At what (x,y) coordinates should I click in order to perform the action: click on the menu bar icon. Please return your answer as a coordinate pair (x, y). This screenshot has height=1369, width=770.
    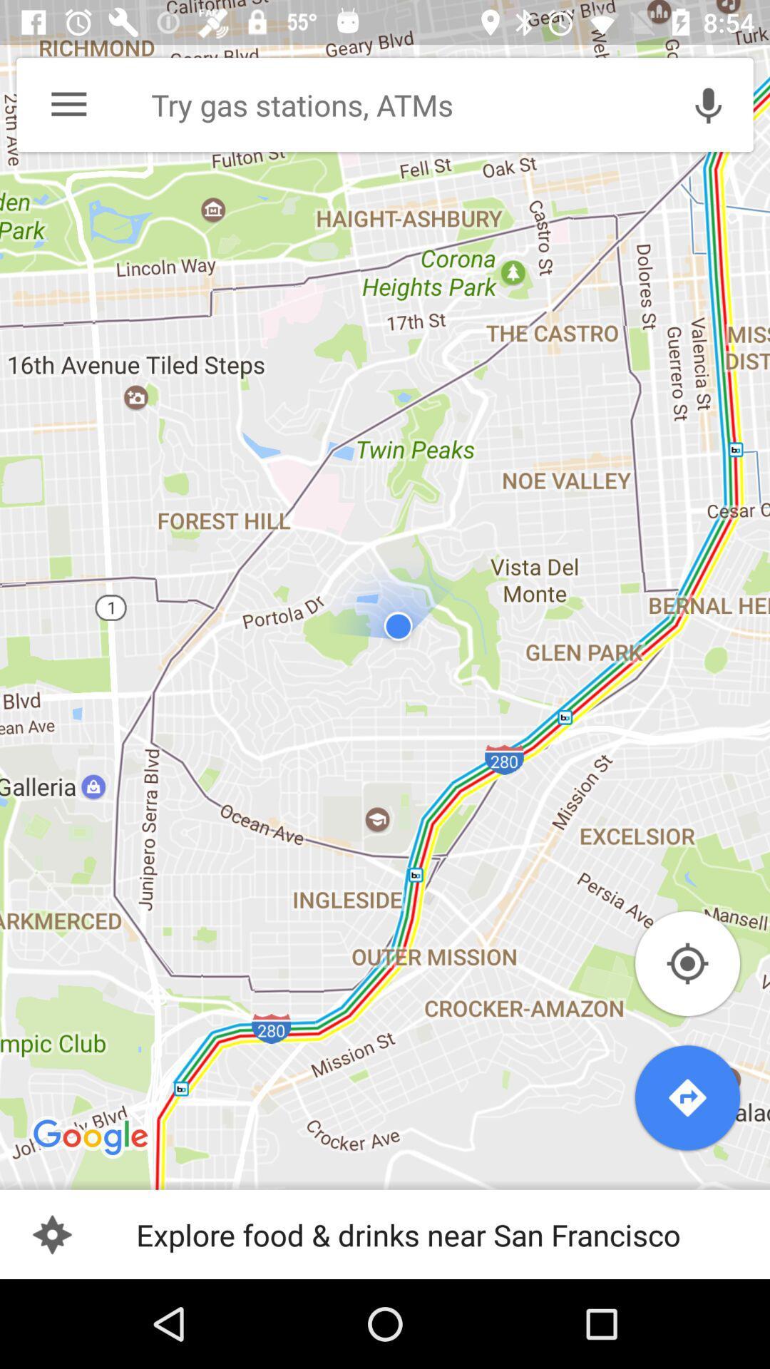
    Looking at the image, I should click on (68, 104).